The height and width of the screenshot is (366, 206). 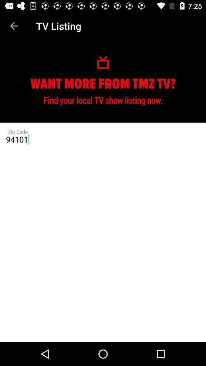 I want to click on the 94101, so click(x=103, y=139).